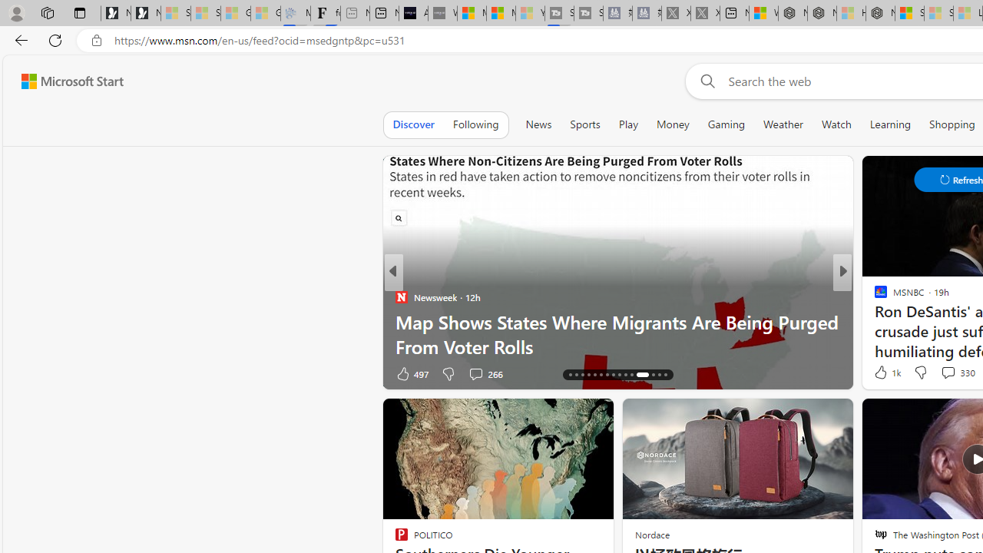 This screenshot has height=553, width=983. Describe the element at coordinates (584, 124) in the screenshot. I see `'Sports'` at that location.